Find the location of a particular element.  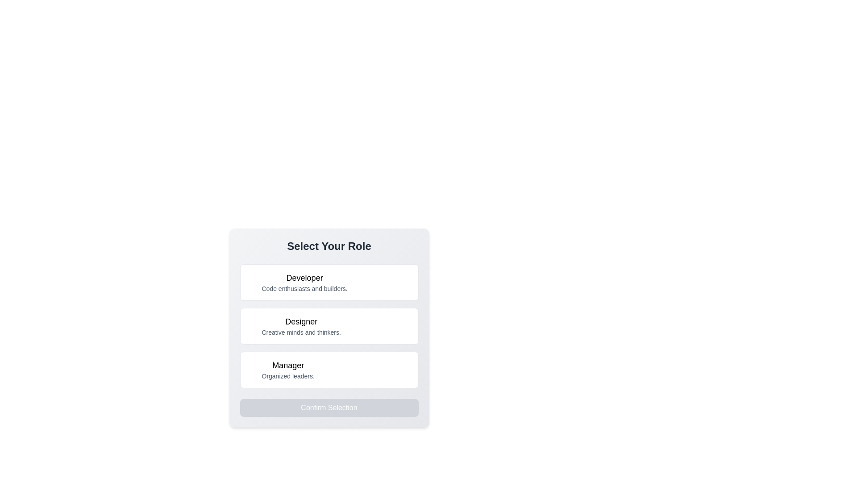

the subtitle text 'Code enthusiasts and builders.' which is located beneath the 'Developer' label in the first option box of the vertical list of roles is located at coordinates (304, 289).